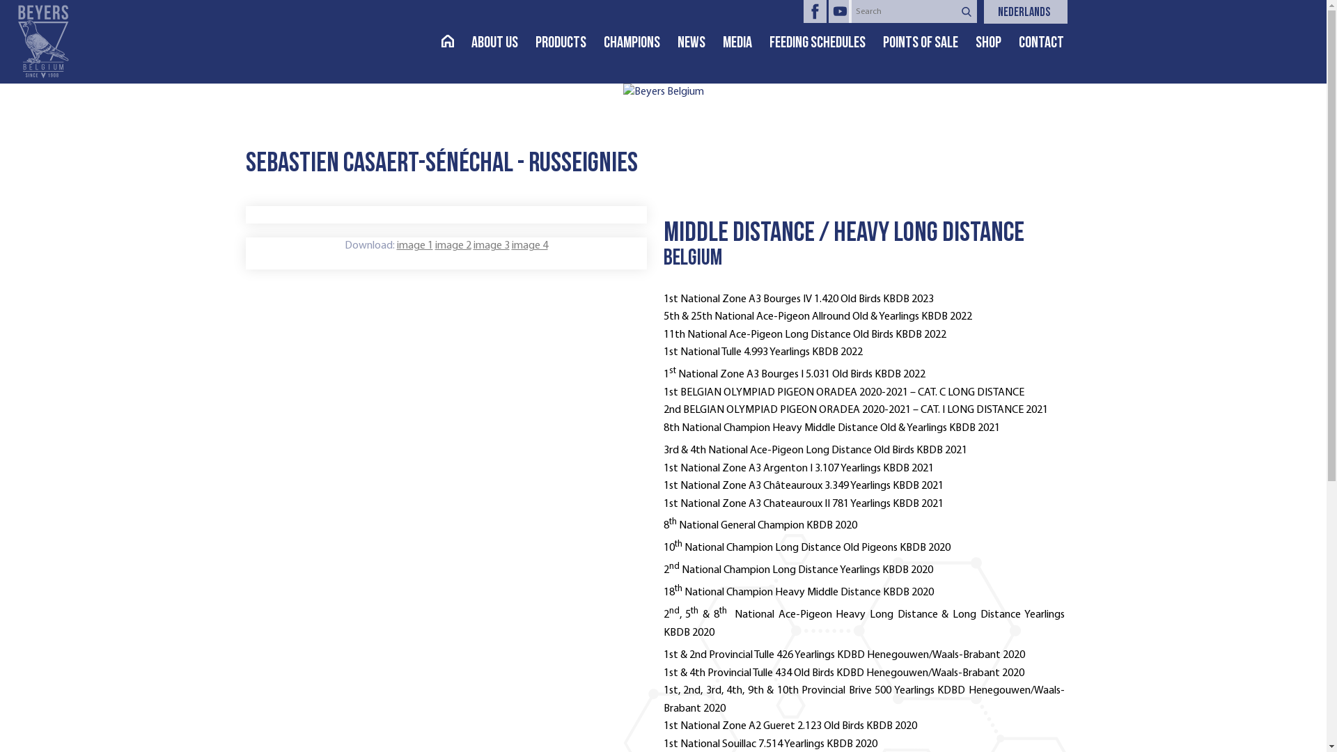 This screenshot has height=752, width=1337. Describe the element at coordinates (602, 42) in the screenshot. I see `'CHAMPIONS'` at that location.